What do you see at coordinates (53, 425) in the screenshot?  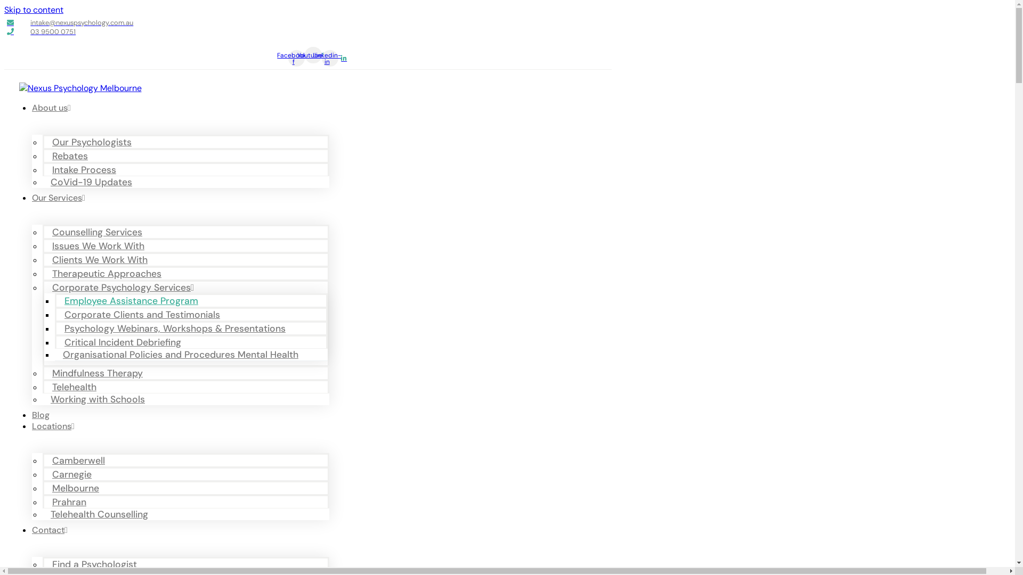 I see `'Locations'` at bounding box center [53, 425].